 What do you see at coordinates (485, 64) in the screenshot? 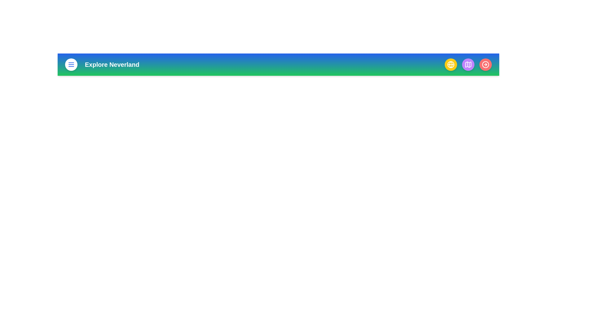
I see `red circular button with the white arrow icon to proceed to the next section` at bounding box center [485, 64].